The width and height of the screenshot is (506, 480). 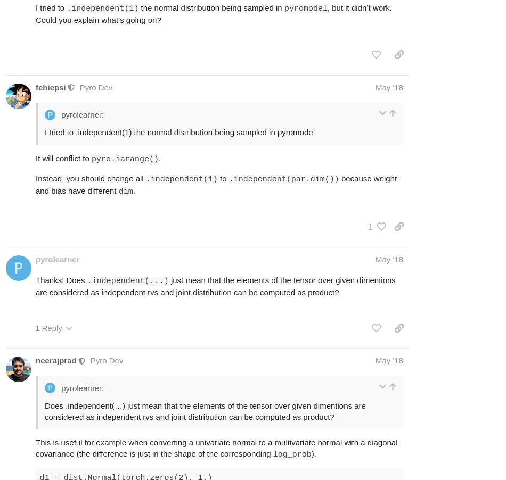 What do you see at coordinates (213, 12) in the screenshot?
I see `', but it didn’t work. Could you explain what’s going on?'` at bounding box center [213, 12].